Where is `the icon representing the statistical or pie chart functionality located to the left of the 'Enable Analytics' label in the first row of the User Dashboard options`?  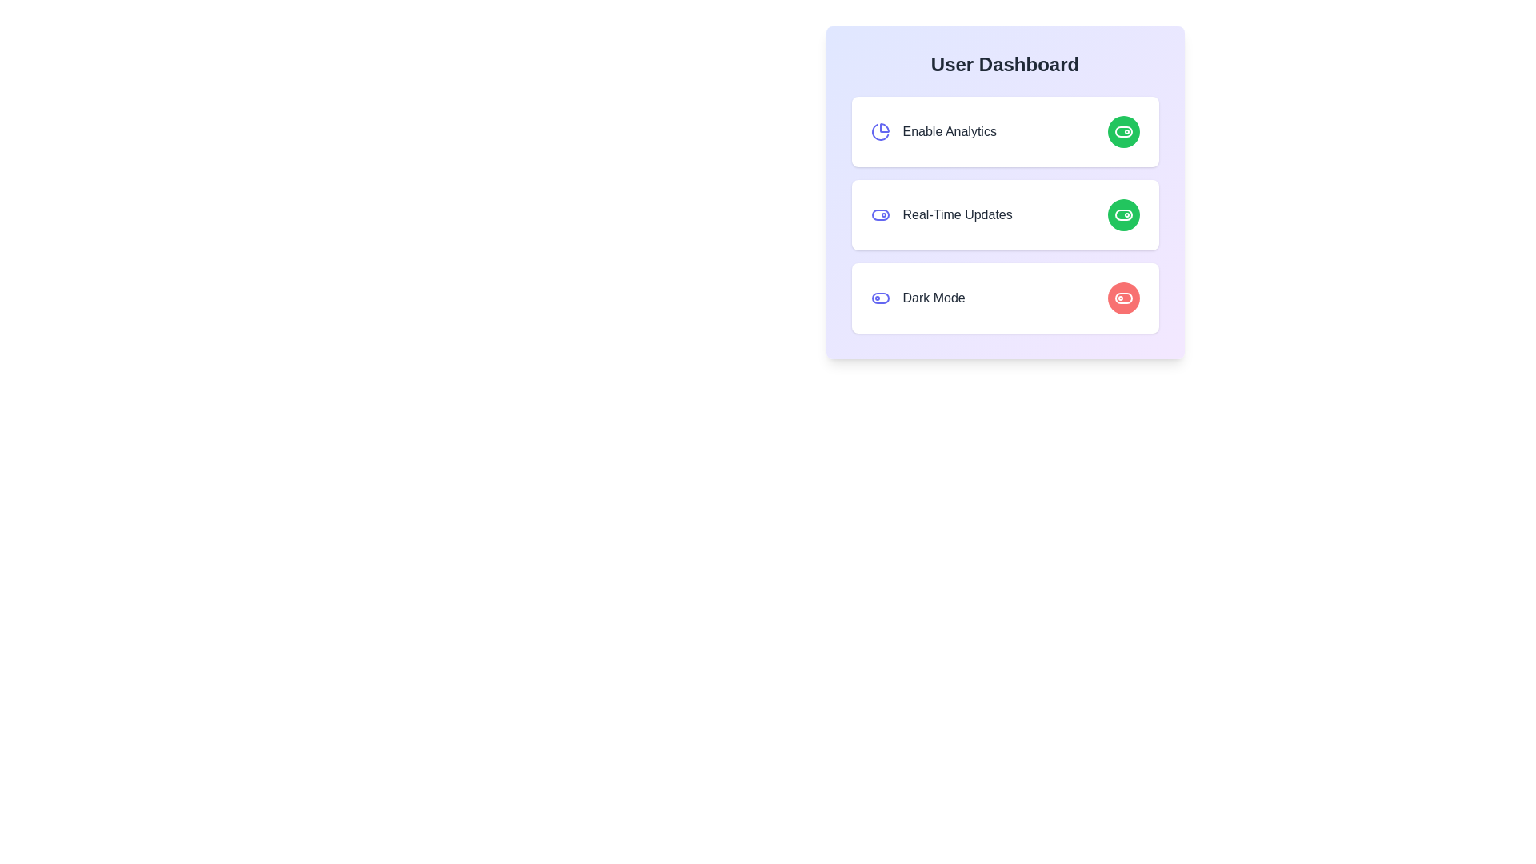
the icon representing the statistical or pie chart functionality located to the left of the 'Enable Analytics' label in the first row of the User Dashboard options is located at coordinates (879, 131).